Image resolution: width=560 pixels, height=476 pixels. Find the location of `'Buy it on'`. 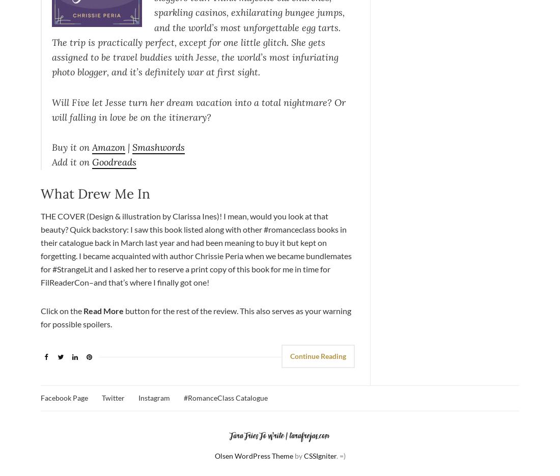

'Buy it on' is located at coordinates (71, 147).